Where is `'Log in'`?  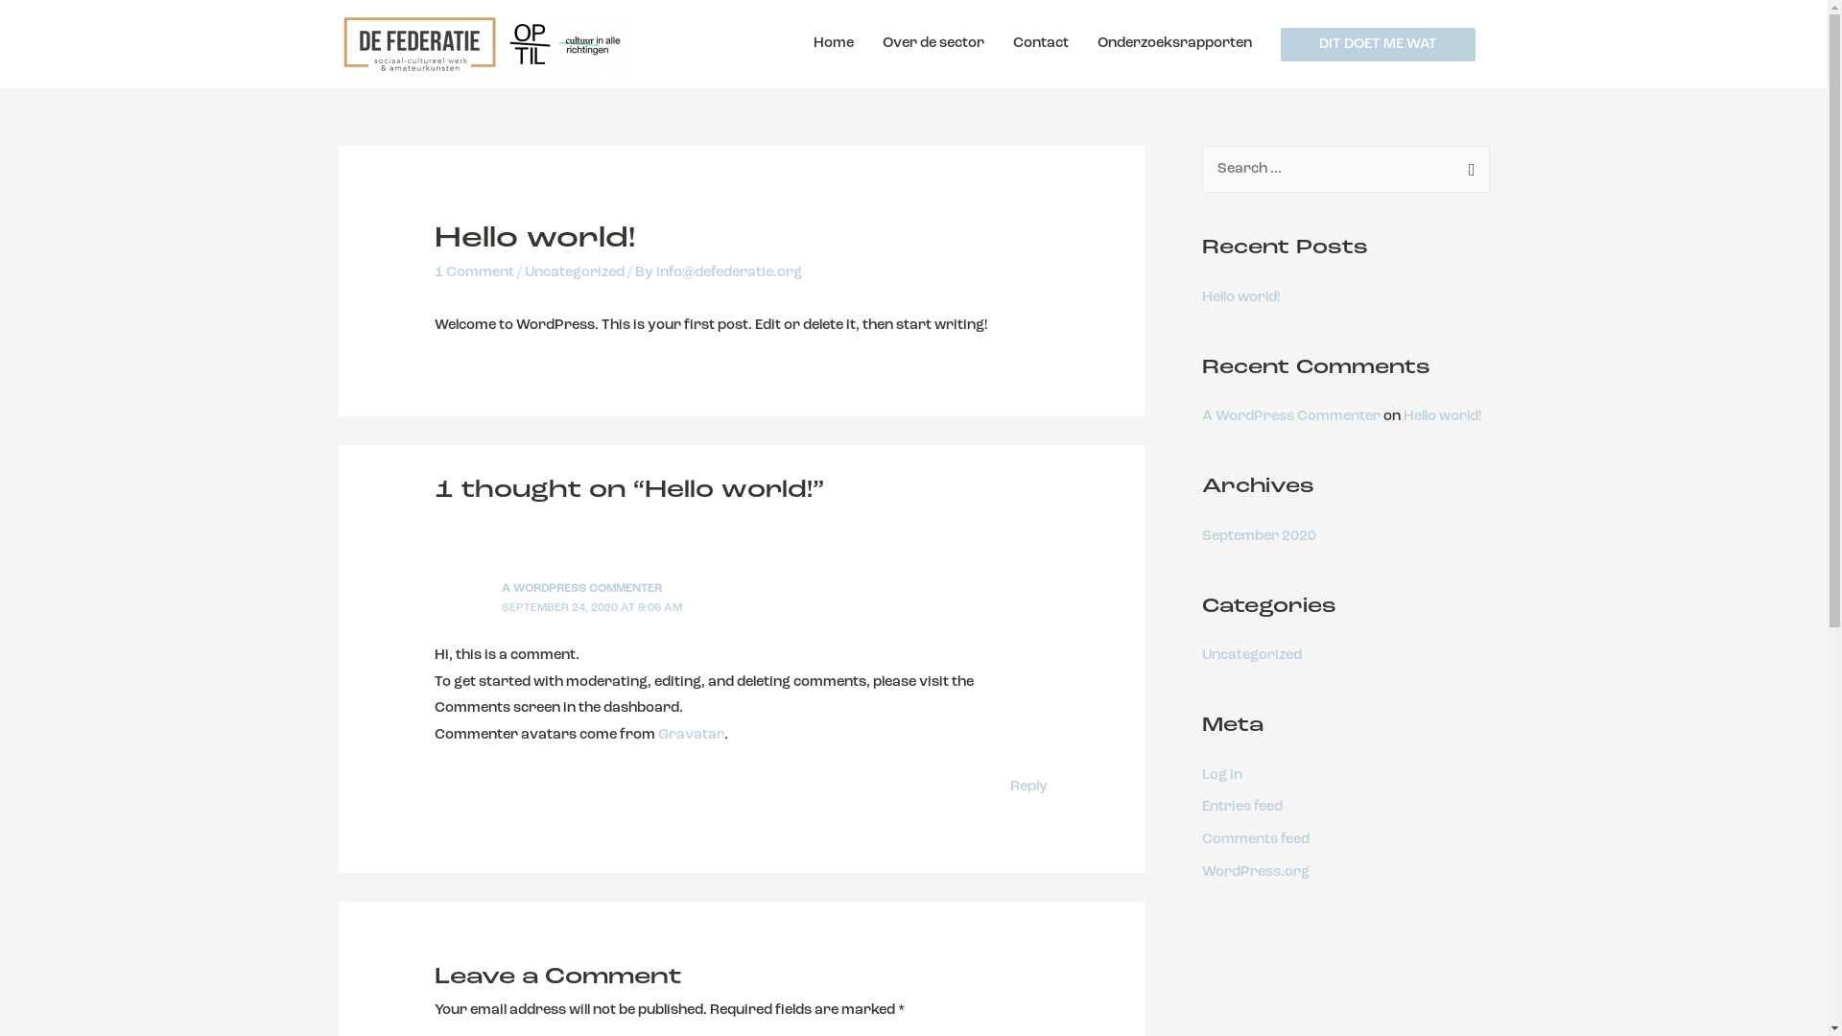 'Log in' is located at coordinates (1219, 773).